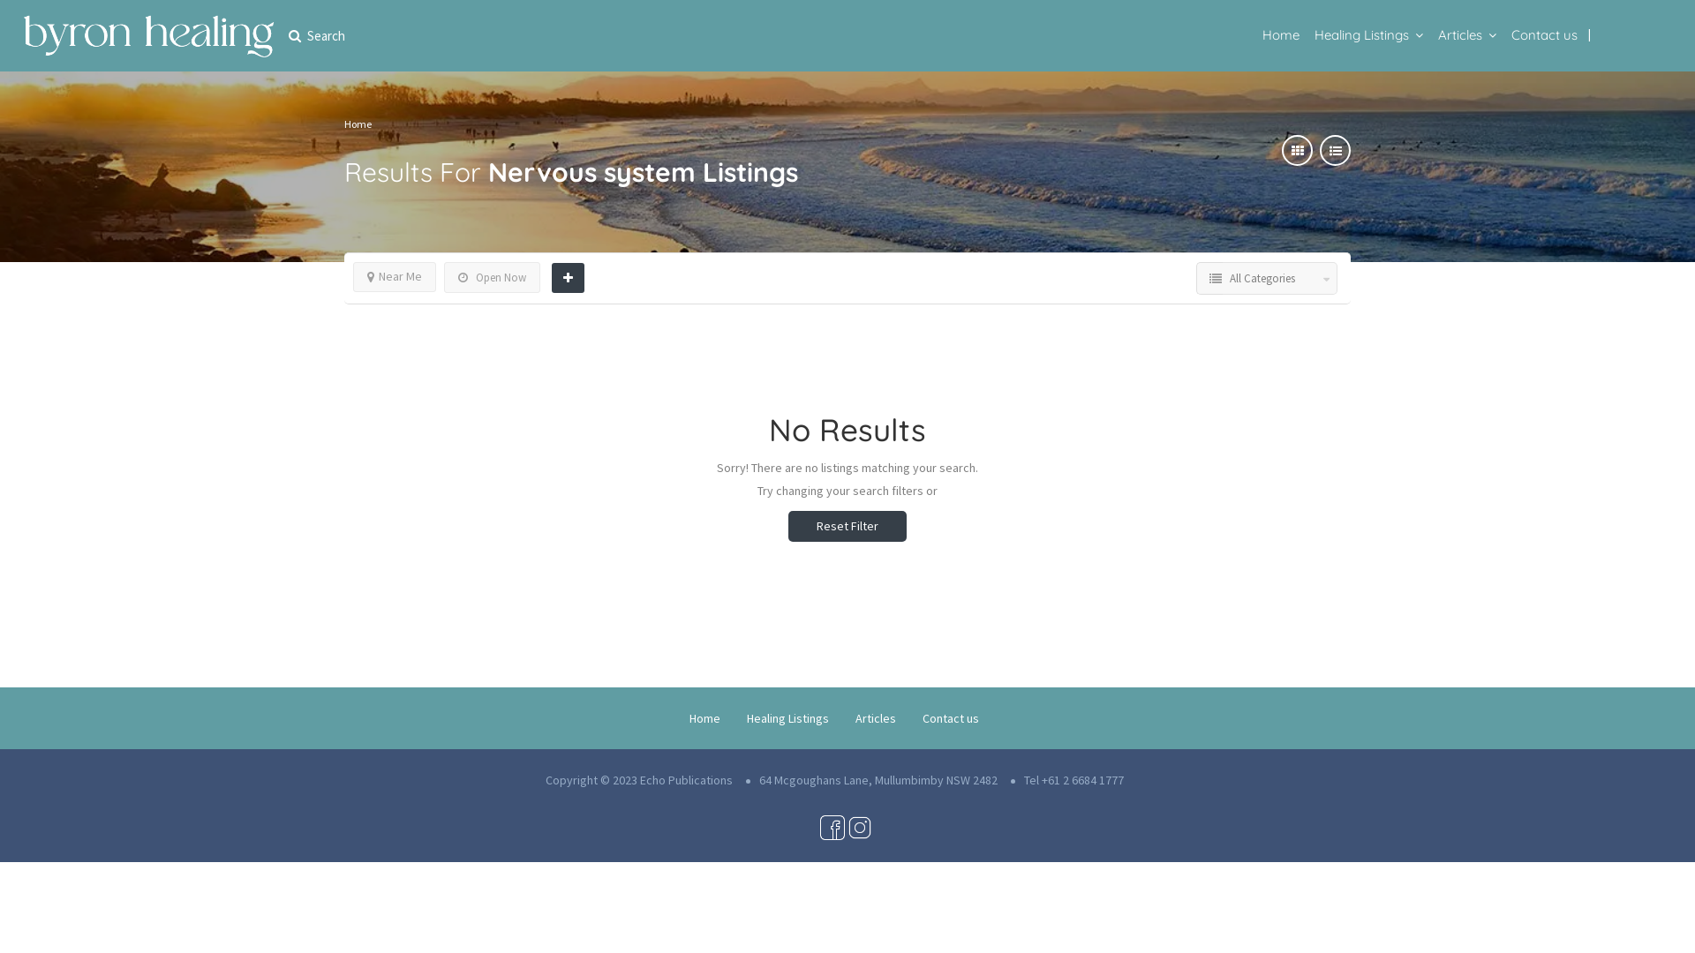  I want to click on 'Open Now', so click(492, 277).